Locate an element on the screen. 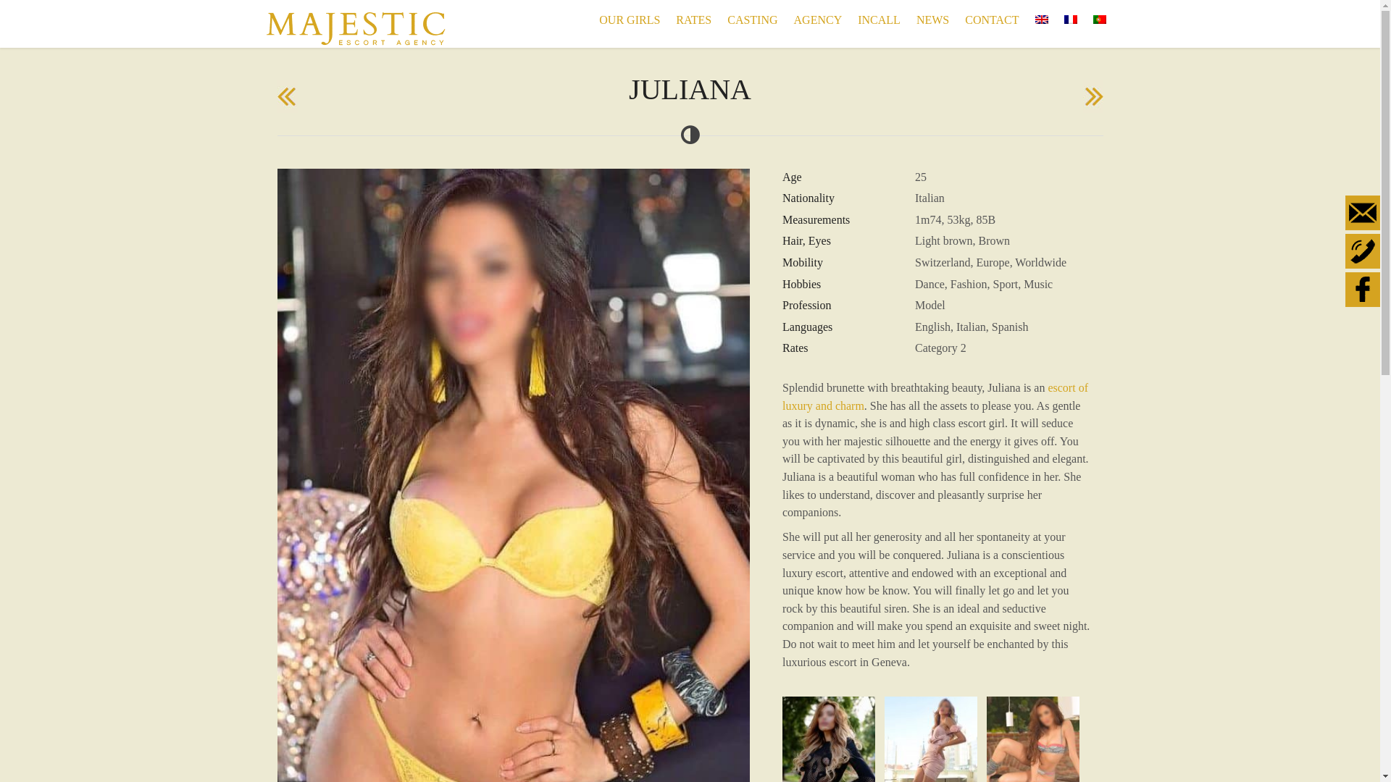  'Email us' is located at coordinates (1362, 212).